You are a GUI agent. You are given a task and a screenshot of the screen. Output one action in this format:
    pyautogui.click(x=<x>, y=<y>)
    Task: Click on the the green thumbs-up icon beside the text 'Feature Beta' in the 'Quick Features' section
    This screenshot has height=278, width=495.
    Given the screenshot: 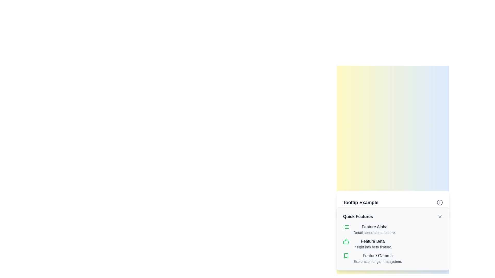 What is the action you would take?
    pyautogui.click(x=346, y=241)
    